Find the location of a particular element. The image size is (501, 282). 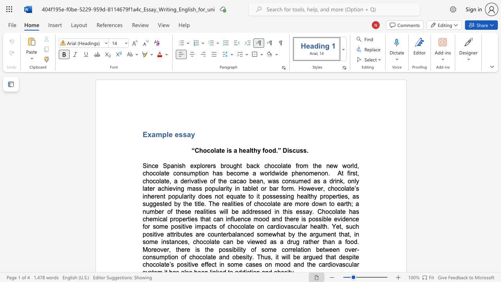

the subset text "form. However, chocolate’s inhe" within the text "At first, chocolate, a derivative of the cacao bean, was consumed as a drink, only later achieving mass popularity in tablet or bar form. However, chocolate’s inherent popularity does not equate to it" is located at coordinates (281, 188).